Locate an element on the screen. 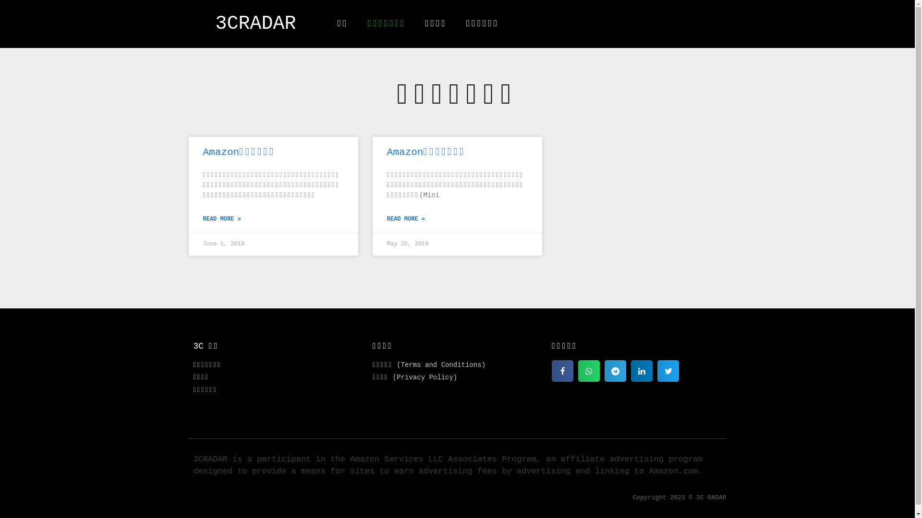 The image size is (922, 518). '3CRADAR' is located at coordinates (255, 23).